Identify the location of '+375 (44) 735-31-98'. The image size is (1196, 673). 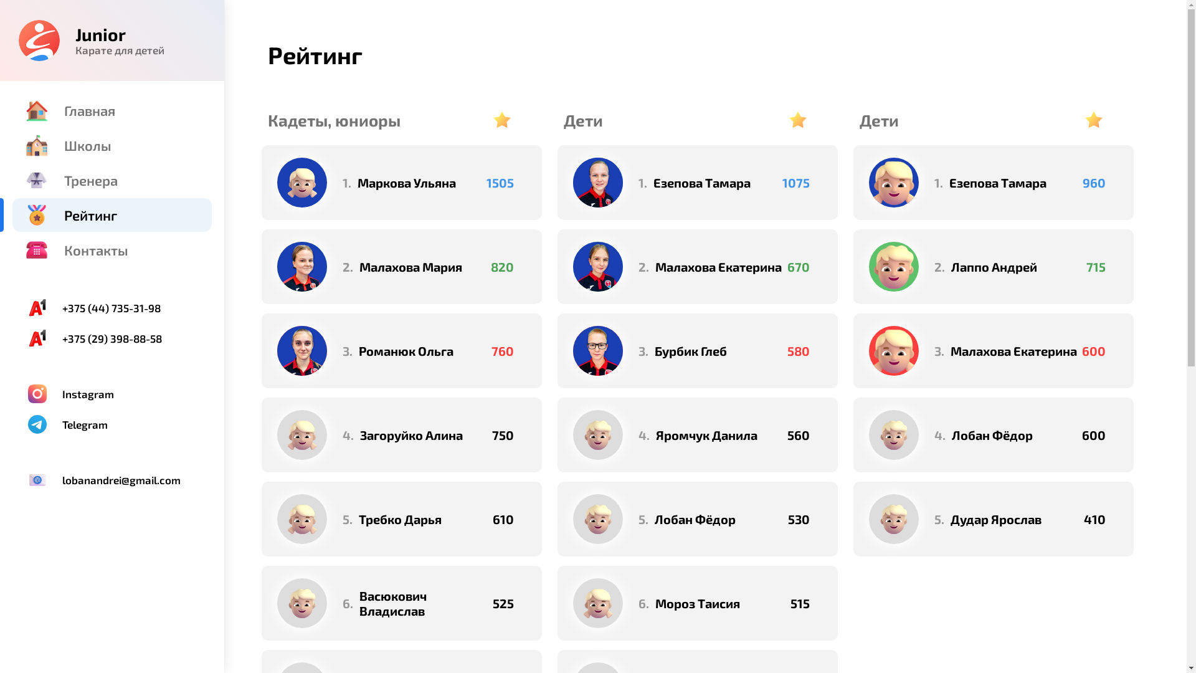
(112, 307).